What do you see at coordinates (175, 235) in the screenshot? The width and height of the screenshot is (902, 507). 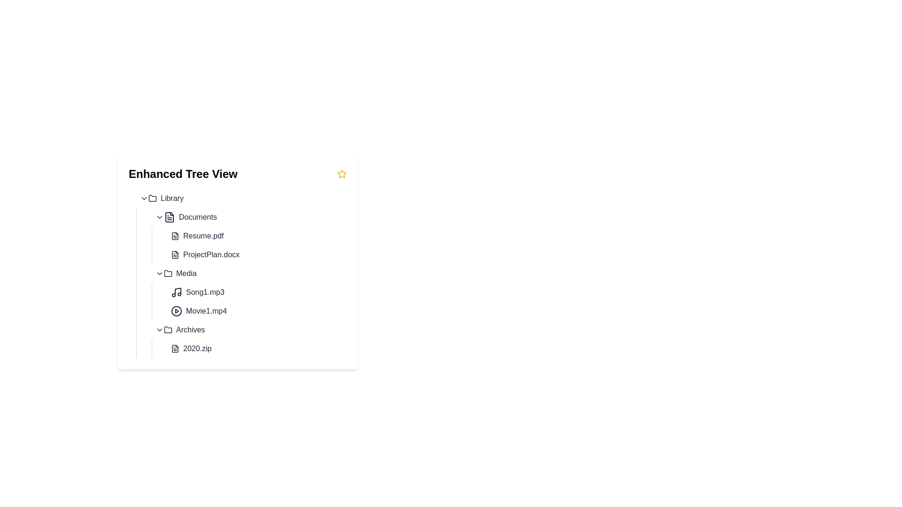 I see `the document icon representing 'Resume.pdf', which is styled with an outlined file shape and additional lines symbolizing text, located within the 'Documents' section of the 'Library'` at bounding box center [175, 235].